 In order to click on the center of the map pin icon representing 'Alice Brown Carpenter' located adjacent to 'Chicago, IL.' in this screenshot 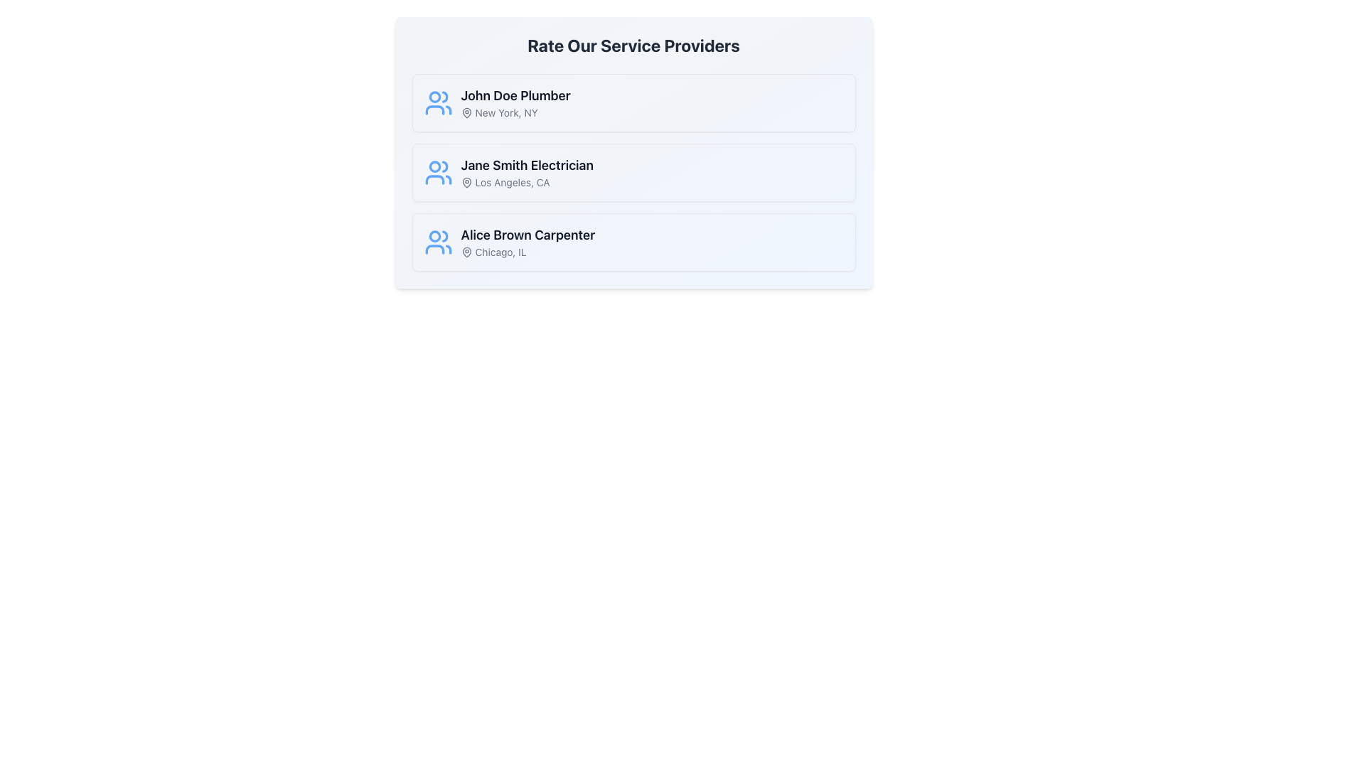, I will do `click(466, 251)`.